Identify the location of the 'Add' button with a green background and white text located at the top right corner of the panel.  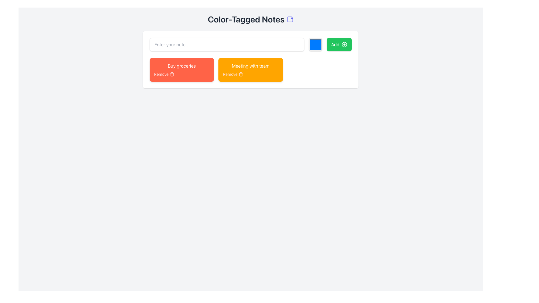
(339, 44).